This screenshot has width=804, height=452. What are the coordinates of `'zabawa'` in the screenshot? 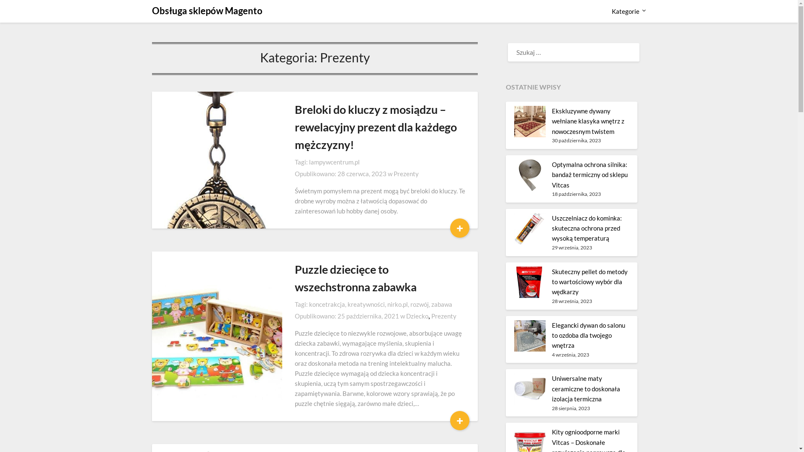 It's located at (441, 304).